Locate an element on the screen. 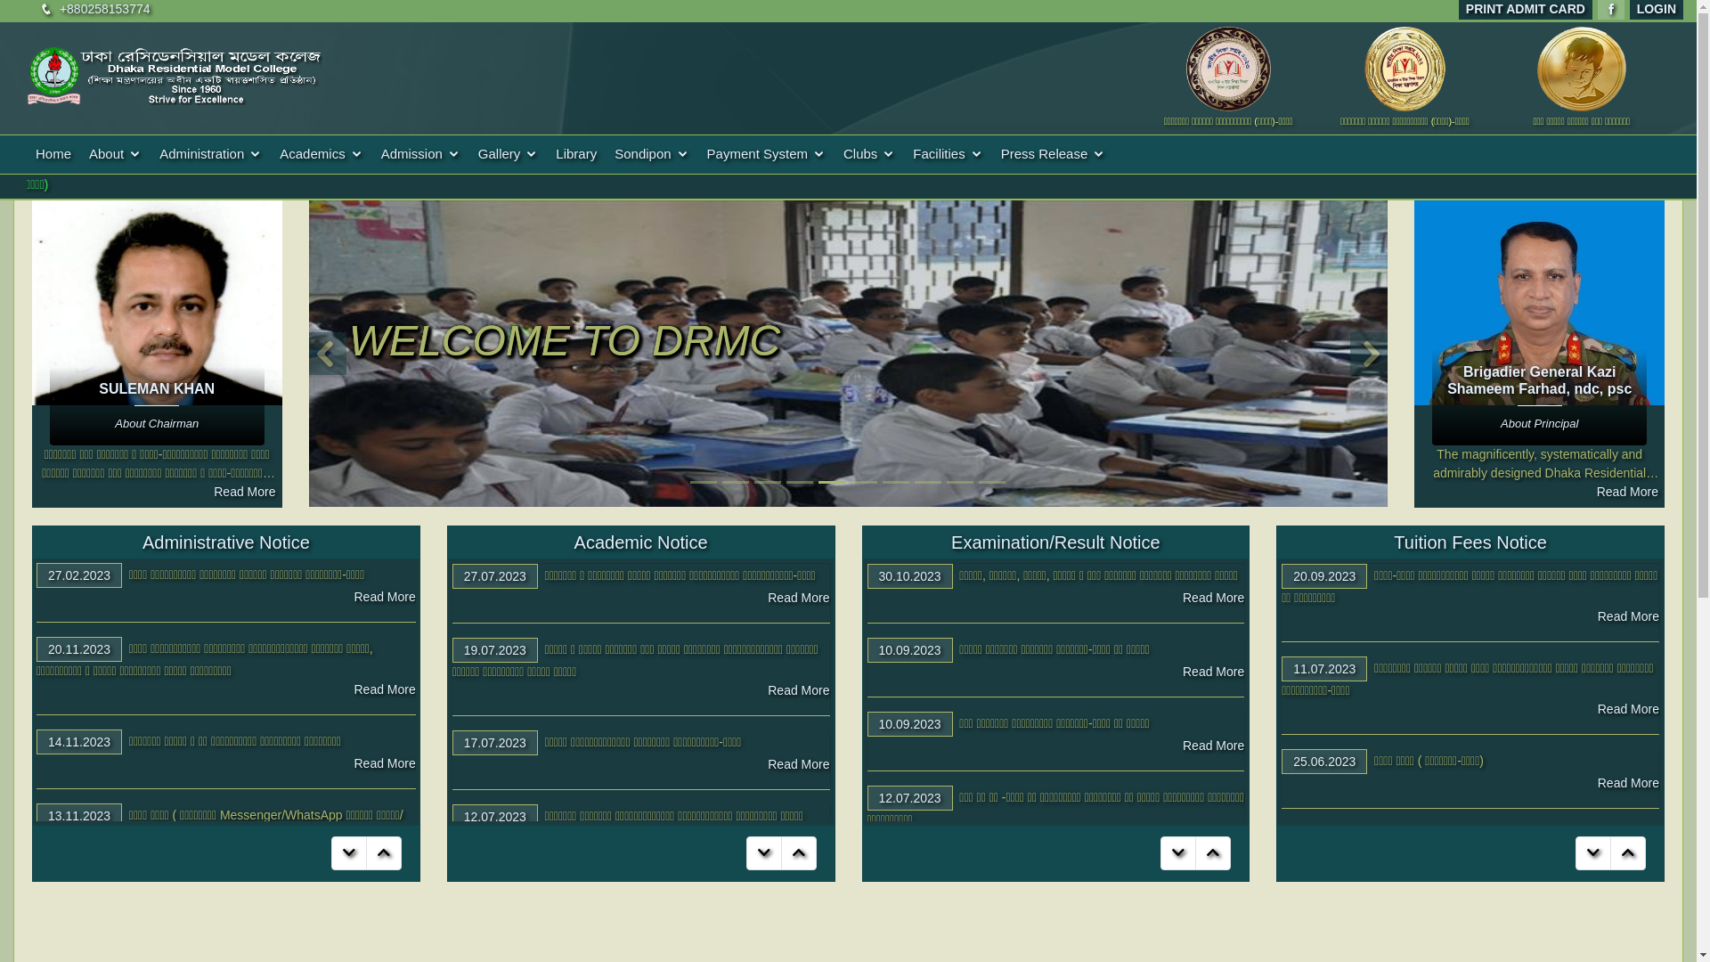  'About Principal' is located at coordinates (1538, 423).